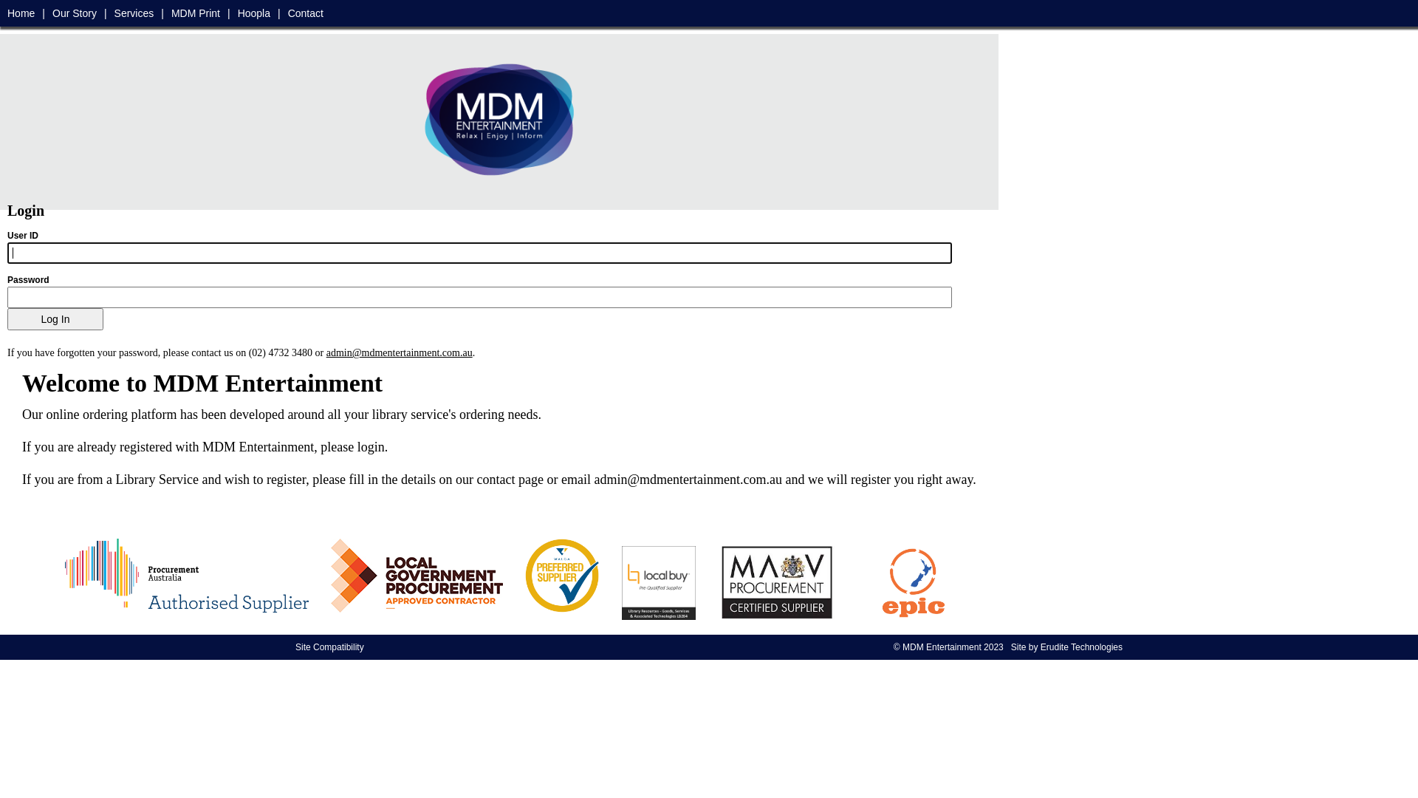 The width and height of the screenshot is (1418, 798). What do you see at coordinates (73, 13) in the screenshot?
I see `'Our Story'` at bounding box center [73, 13].